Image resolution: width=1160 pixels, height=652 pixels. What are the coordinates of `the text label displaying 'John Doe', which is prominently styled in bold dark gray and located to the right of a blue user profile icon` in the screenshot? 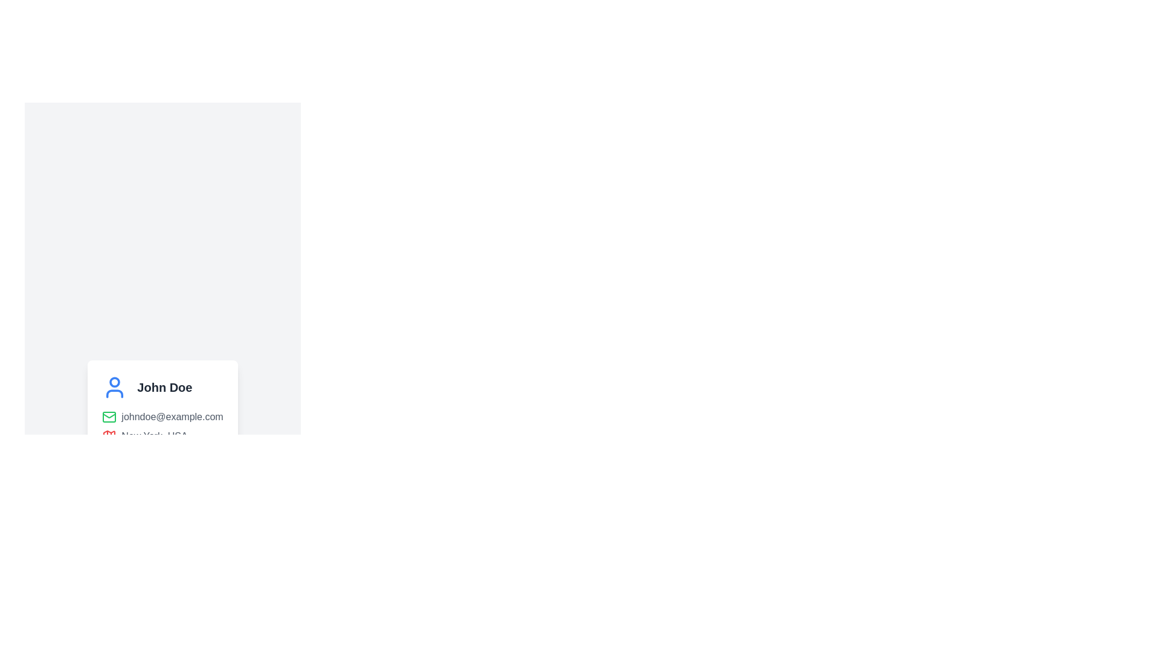 It's located at (164, 387).